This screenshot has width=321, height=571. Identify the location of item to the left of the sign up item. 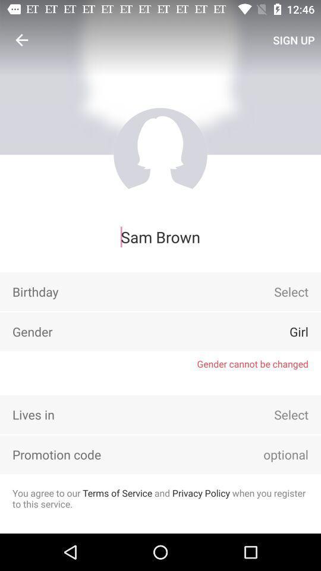
(21, 40).